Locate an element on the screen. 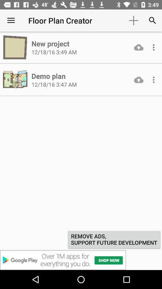  open options menu is located at coordinates (154, 79).